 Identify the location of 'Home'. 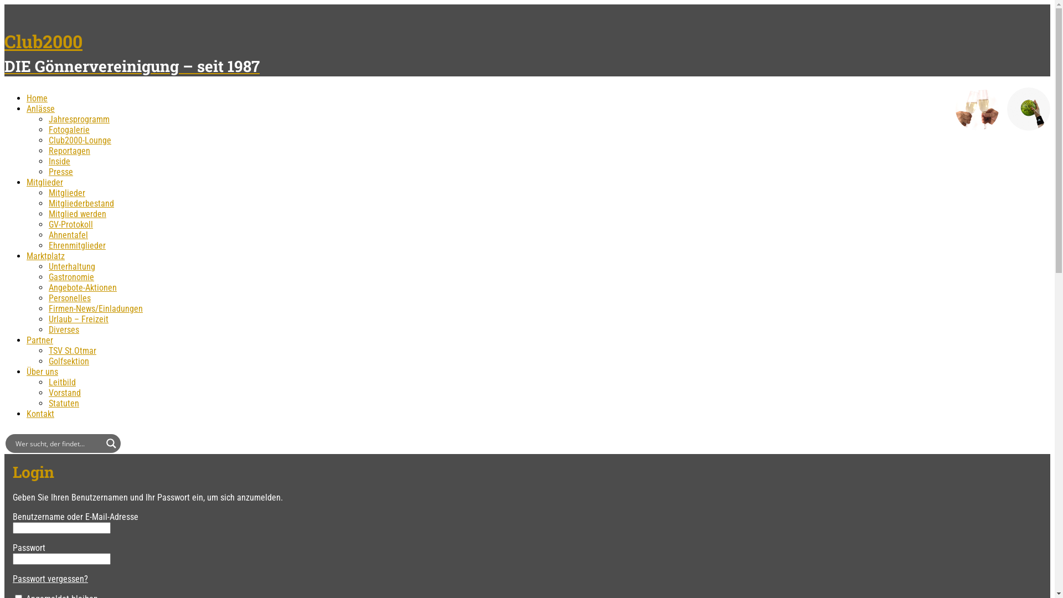
(37, 97).